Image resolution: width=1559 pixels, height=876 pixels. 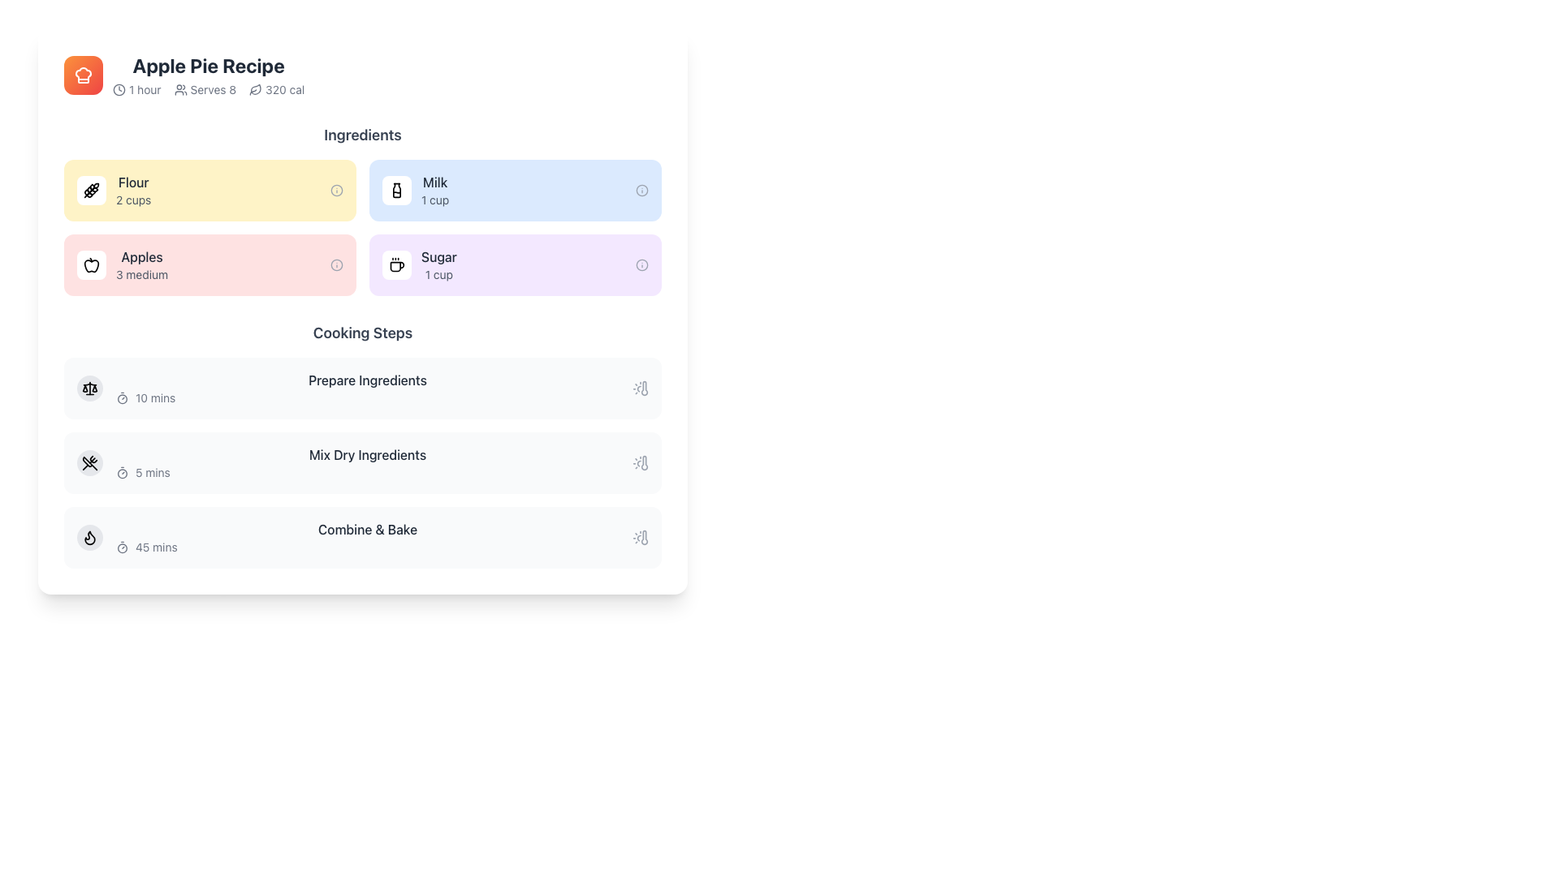 What do you see at coordinates (366, 380) in the screenshot?
I see `the text element displaying 'Prepare Ingredients'` at bounding box center [366, 380].